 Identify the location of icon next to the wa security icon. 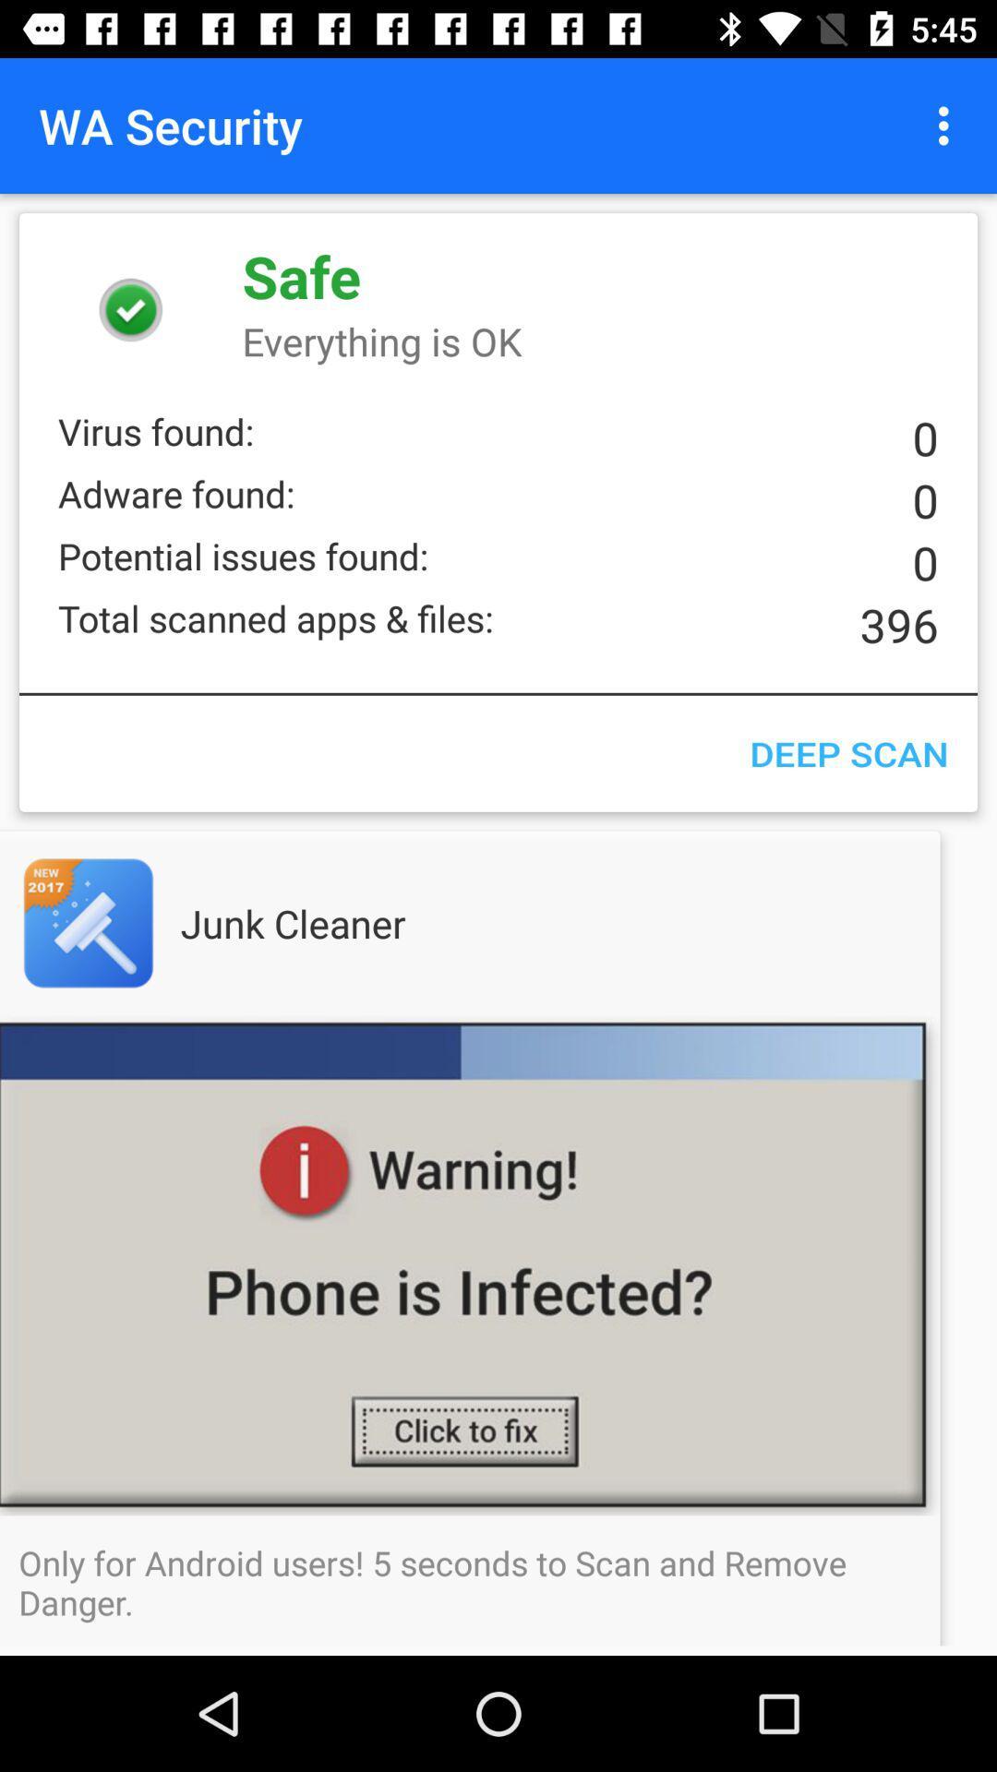
(948, 125).